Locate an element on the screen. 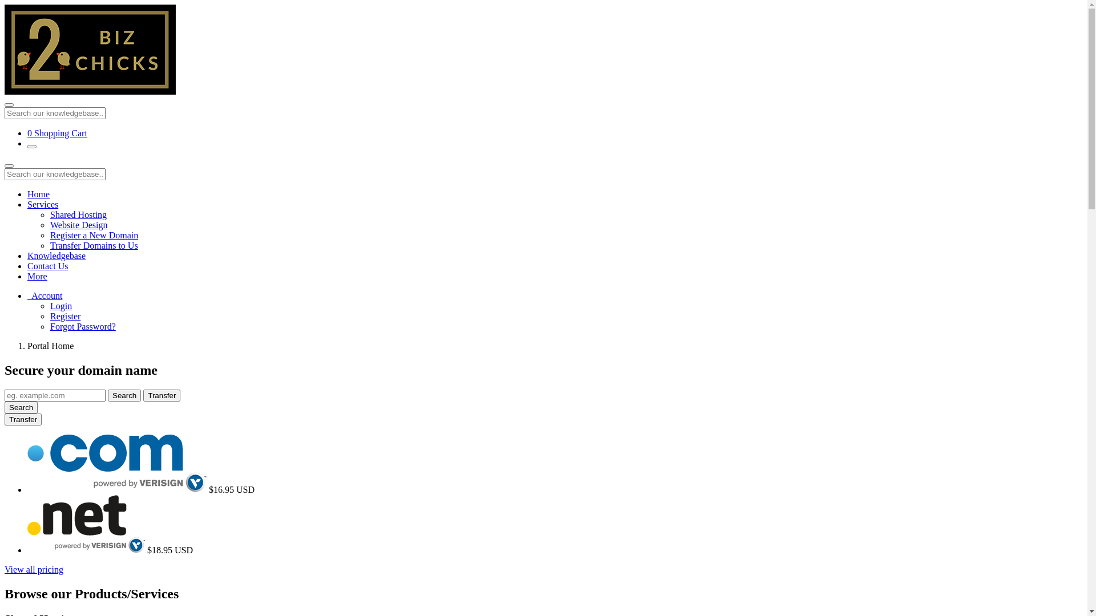 This screenshot has height=616, width=1096. 'Search' is located at coordinates (21, 407).